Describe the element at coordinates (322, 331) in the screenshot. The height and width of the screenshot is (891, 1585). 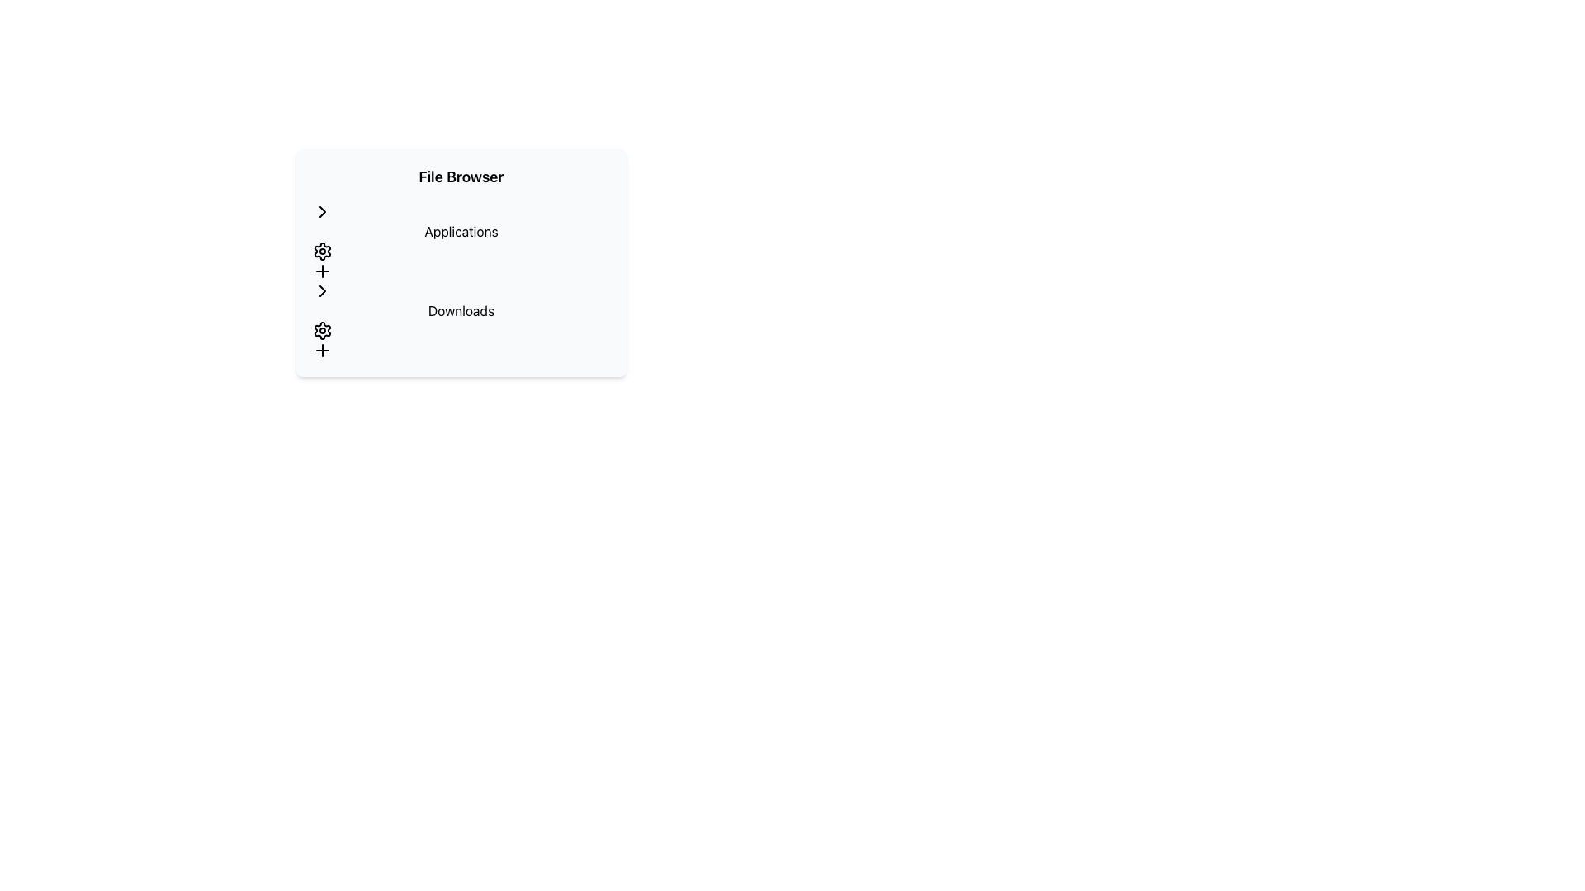
I see `the settings icon in the sidebar` at that location.